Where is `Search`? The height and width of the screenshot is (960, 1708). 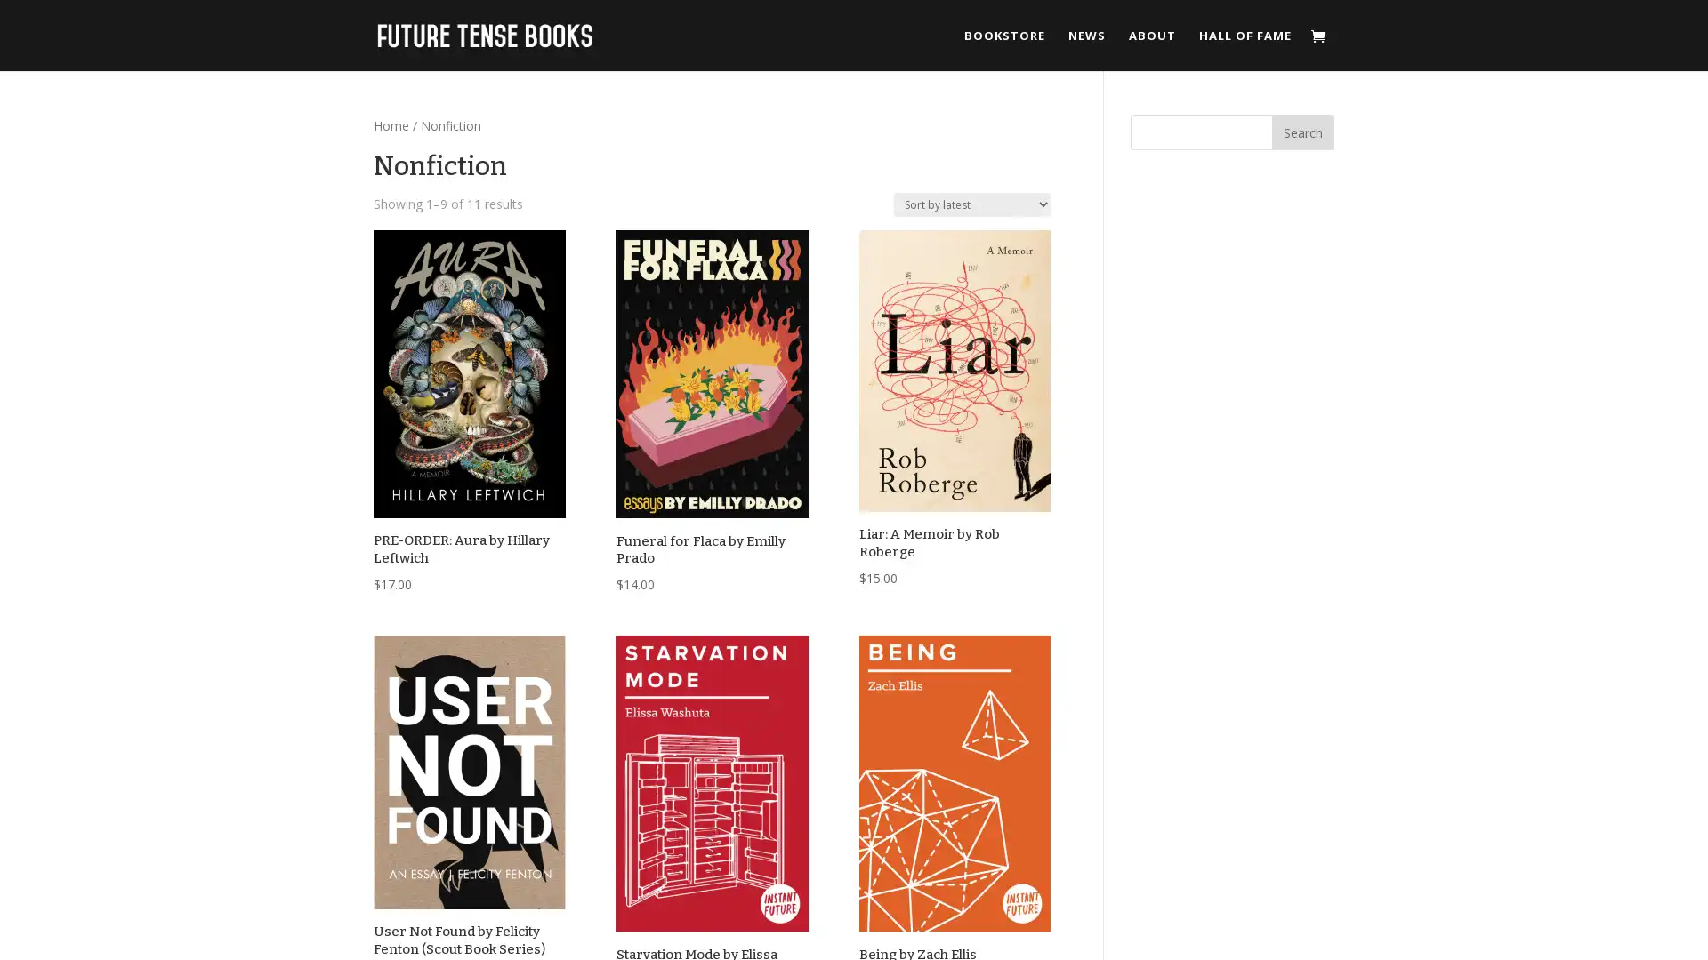
Search is located at coordinates (1302, 132).